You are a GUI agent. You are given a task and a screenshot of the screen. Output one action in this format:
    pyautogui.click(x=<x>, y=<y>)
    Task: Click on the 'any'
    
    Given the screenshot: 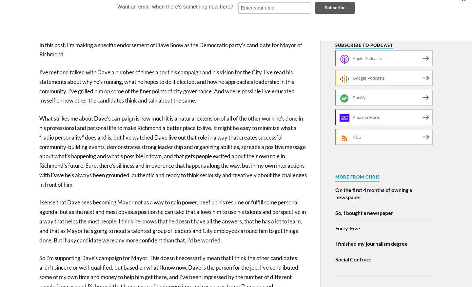 What is the action you would take?
    pyautogui.click(x=72, y=240)
    